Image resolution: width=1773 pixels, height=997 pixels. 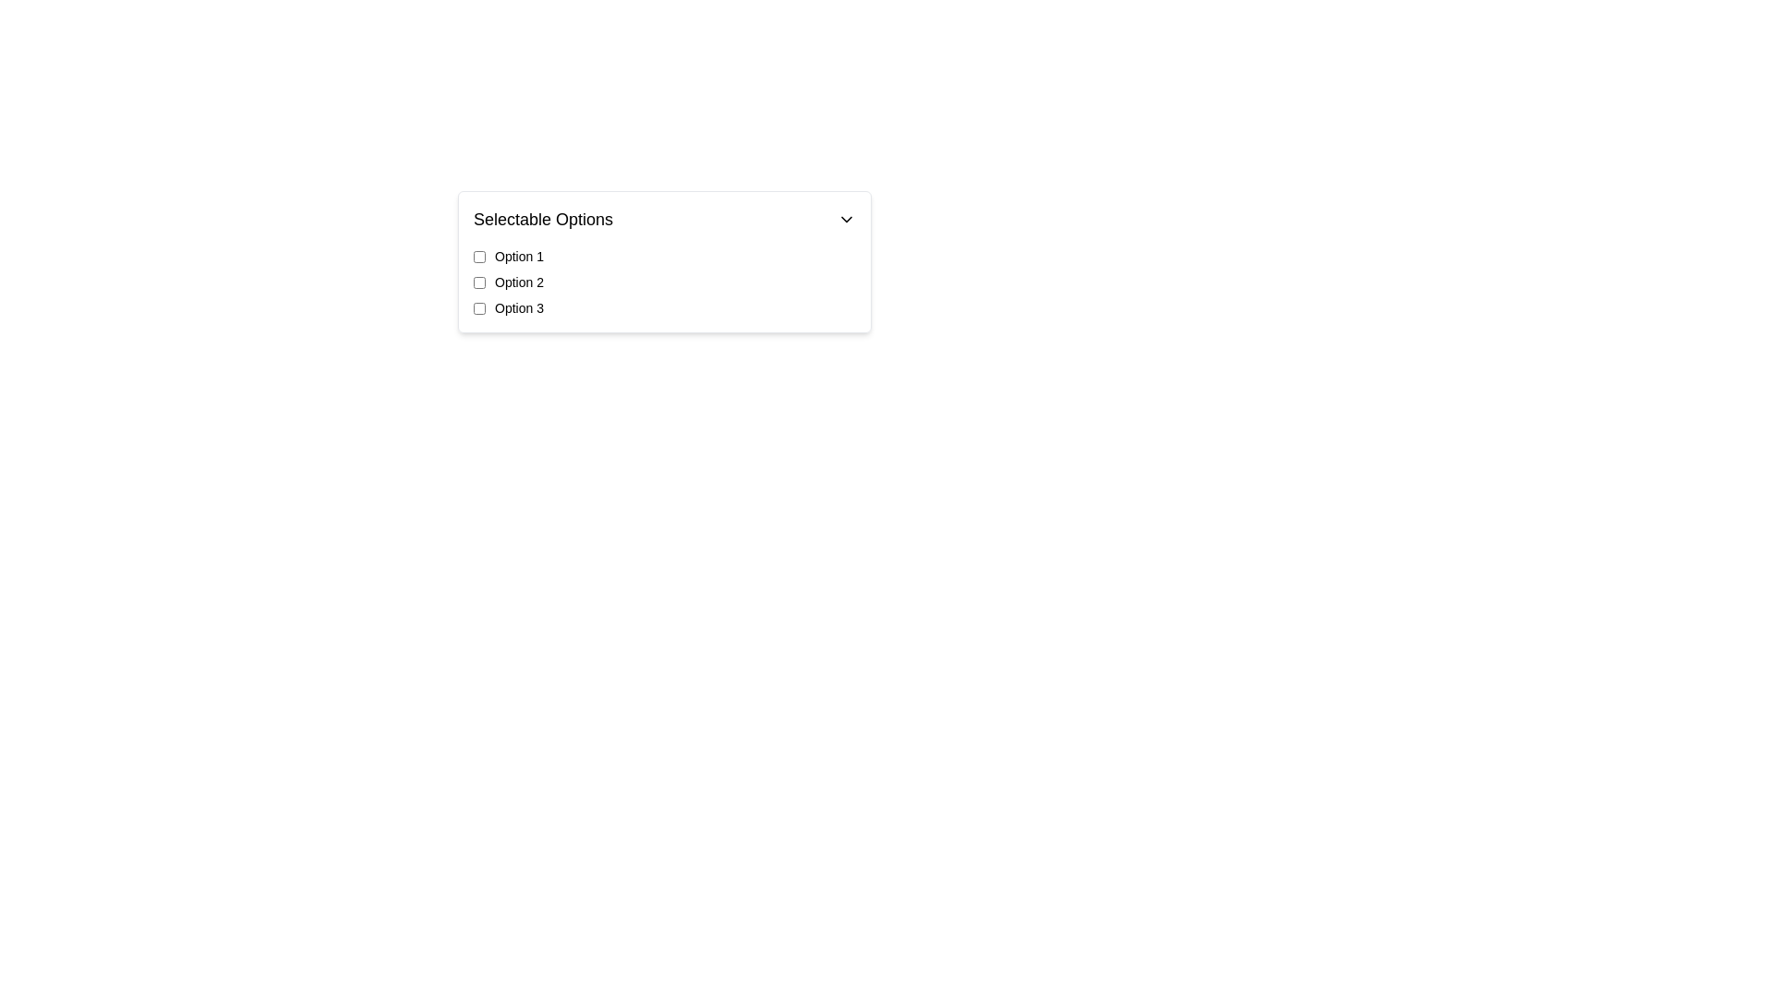 I want to click on the checkbox labeled 'Option 2' located in the middle of the vertical list under the header 'Selectable Options', so click(x=479, y=282).